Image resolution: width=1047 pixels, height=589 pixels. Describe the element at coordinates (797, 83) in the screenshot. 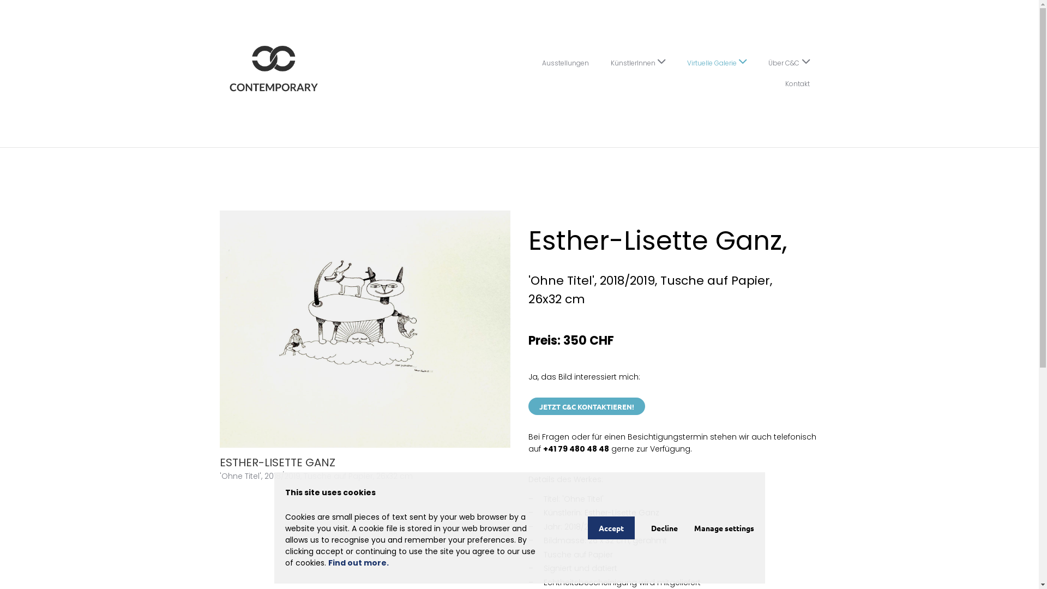

I see `'Kontakt'` at that location.